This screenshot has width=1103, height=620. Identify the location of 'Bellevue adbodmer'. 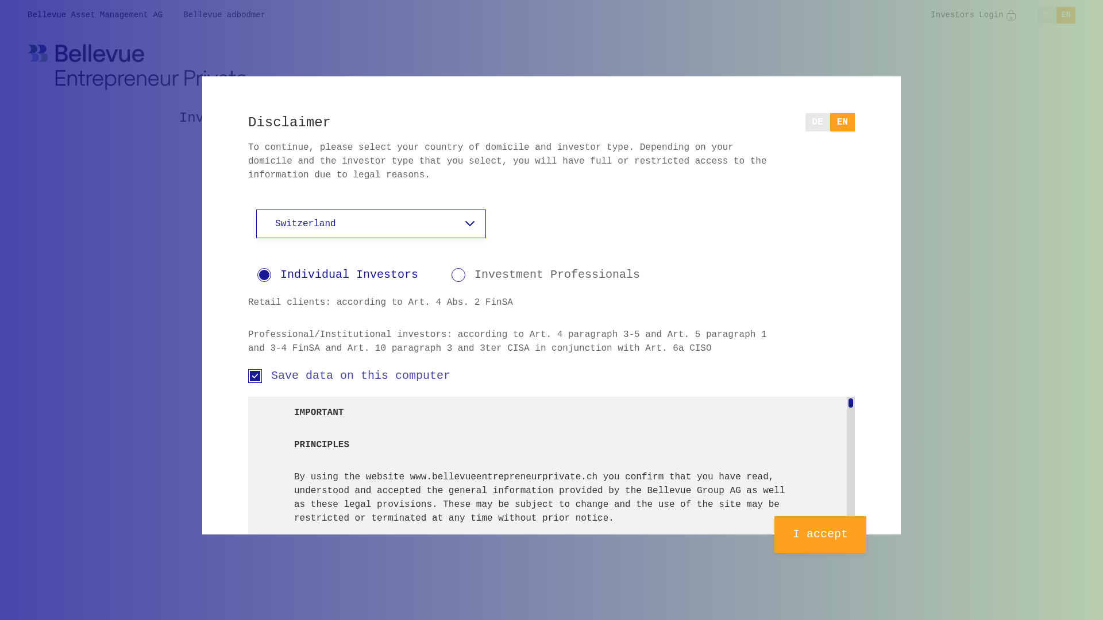
(224, 15).